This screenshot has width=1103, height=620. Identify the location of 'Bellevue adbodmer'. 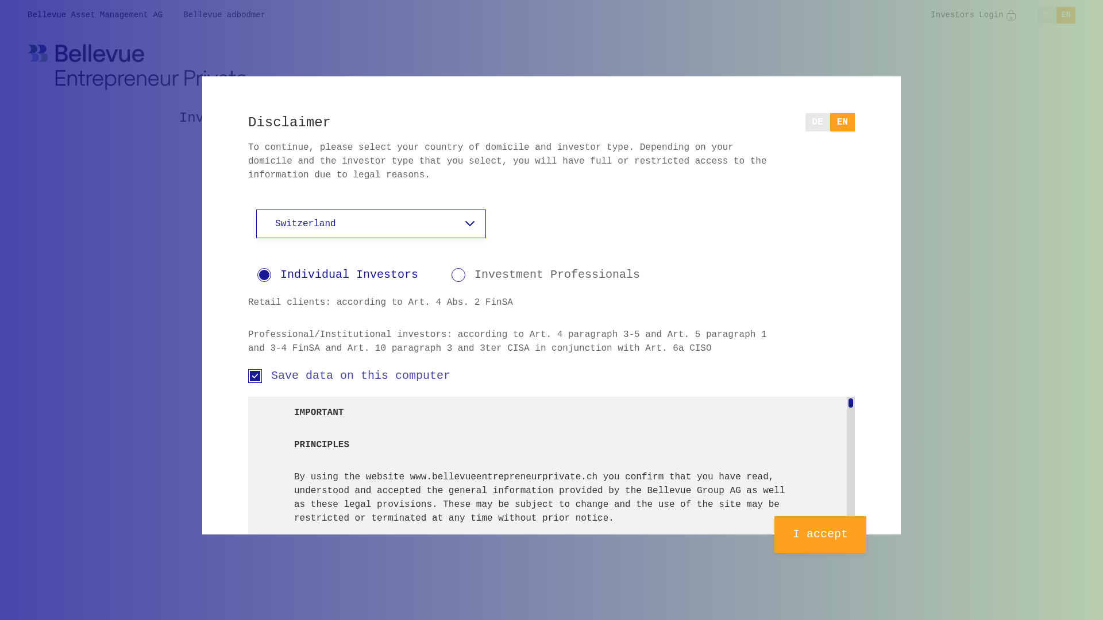
(224, 15).